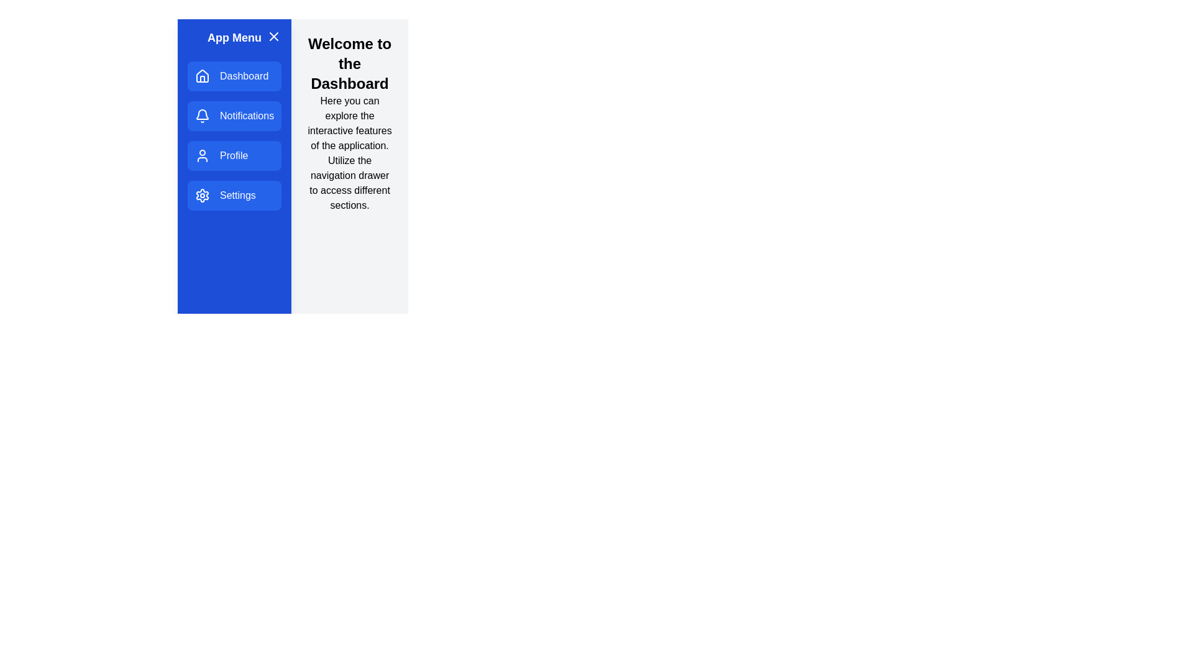  I want to click on the blue 'Settings' button with a white gear icon, so click(234, 196).